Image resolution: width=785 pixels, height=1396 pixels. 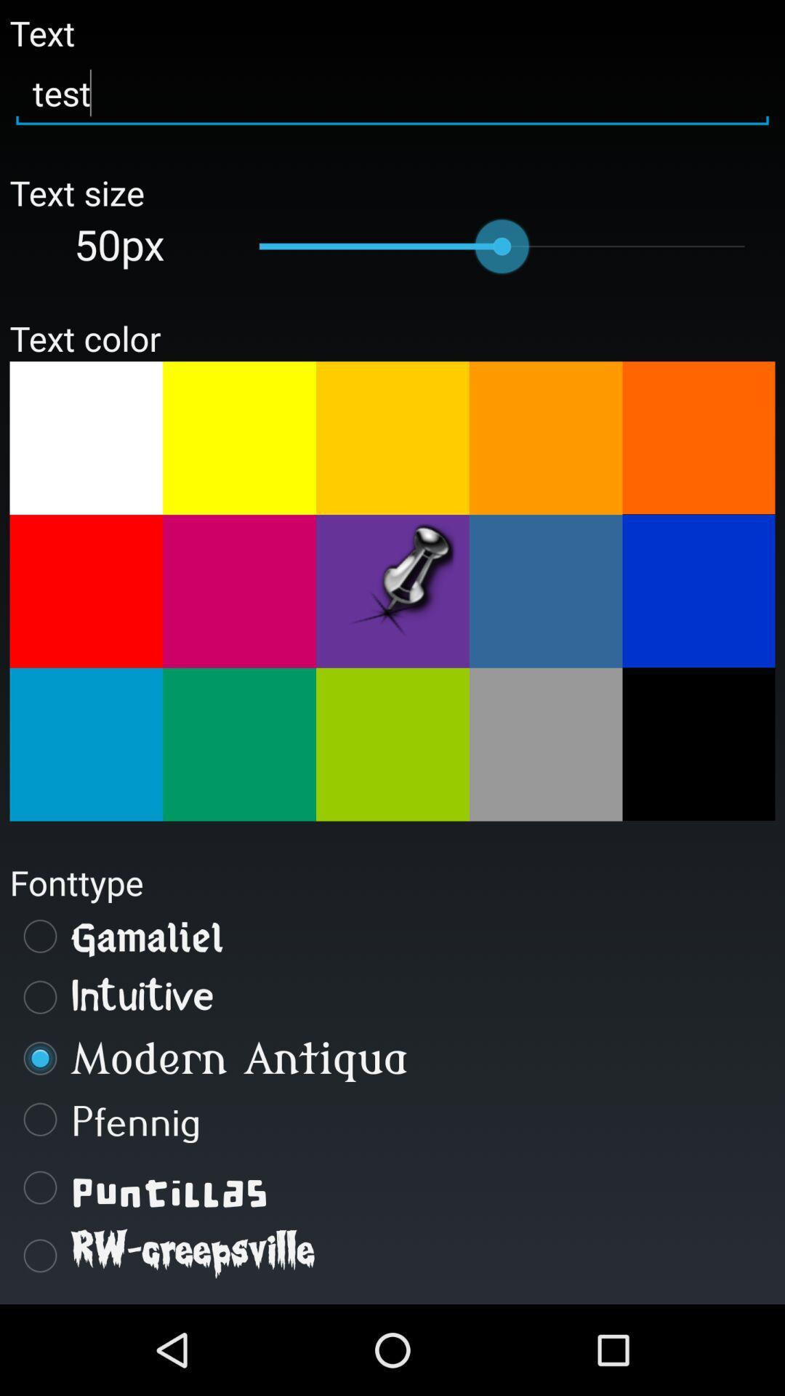 I want to click on orange colour, so click(x=86, y=591).